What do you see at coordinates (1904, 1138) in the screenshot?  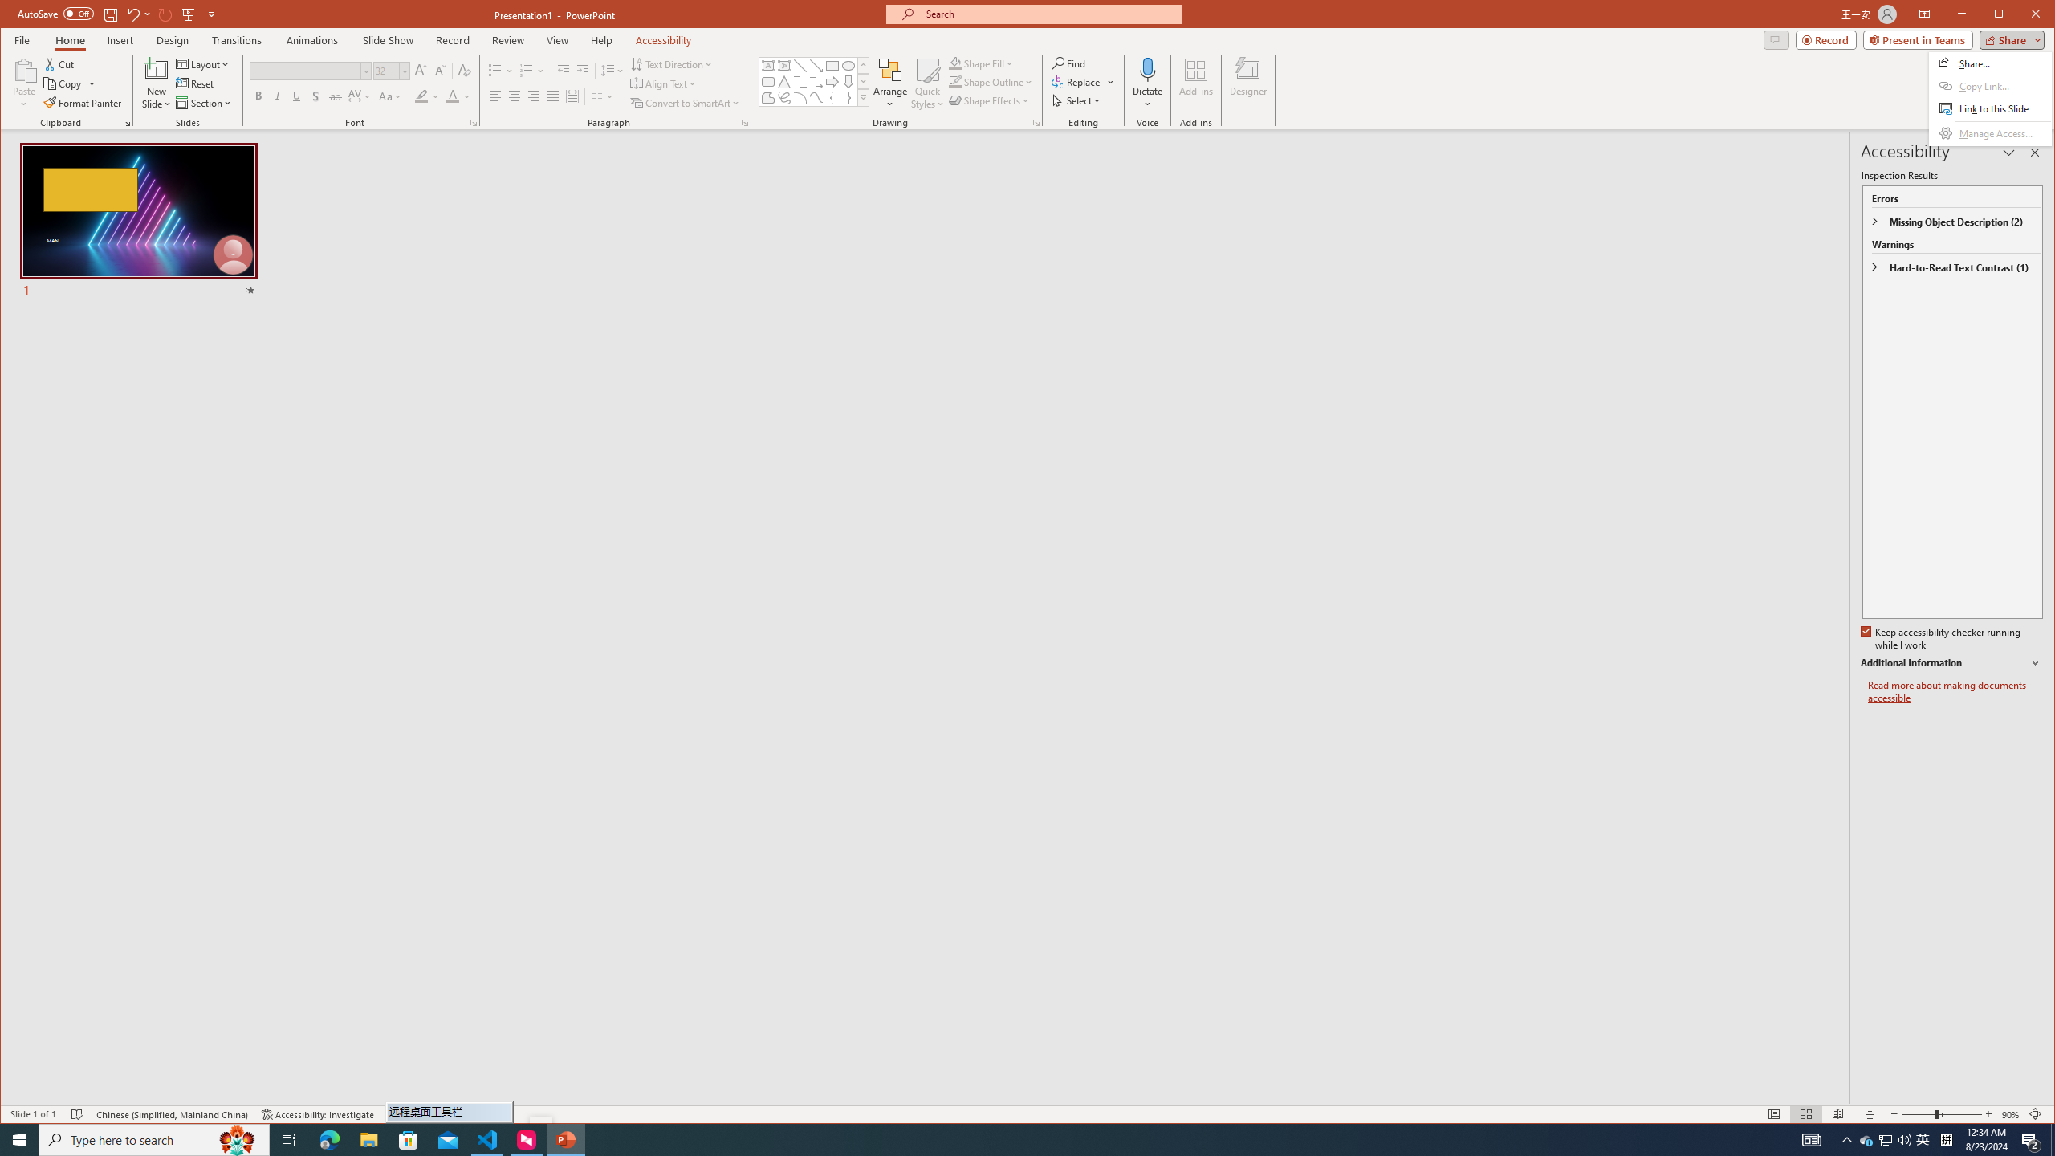 I see `'Q2790: 100%'` at bounding box center [1904, 1138].